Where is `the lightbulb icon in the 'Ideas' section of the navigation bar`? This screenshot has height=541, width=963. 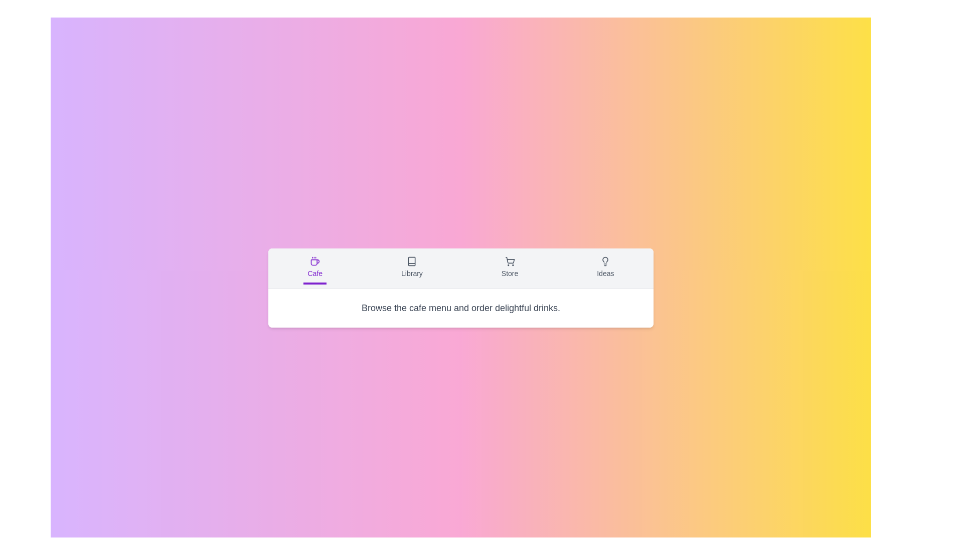
the lightbulb icon in the 'Ideas' section of the navigation bar is located at coordinates (605, 260).